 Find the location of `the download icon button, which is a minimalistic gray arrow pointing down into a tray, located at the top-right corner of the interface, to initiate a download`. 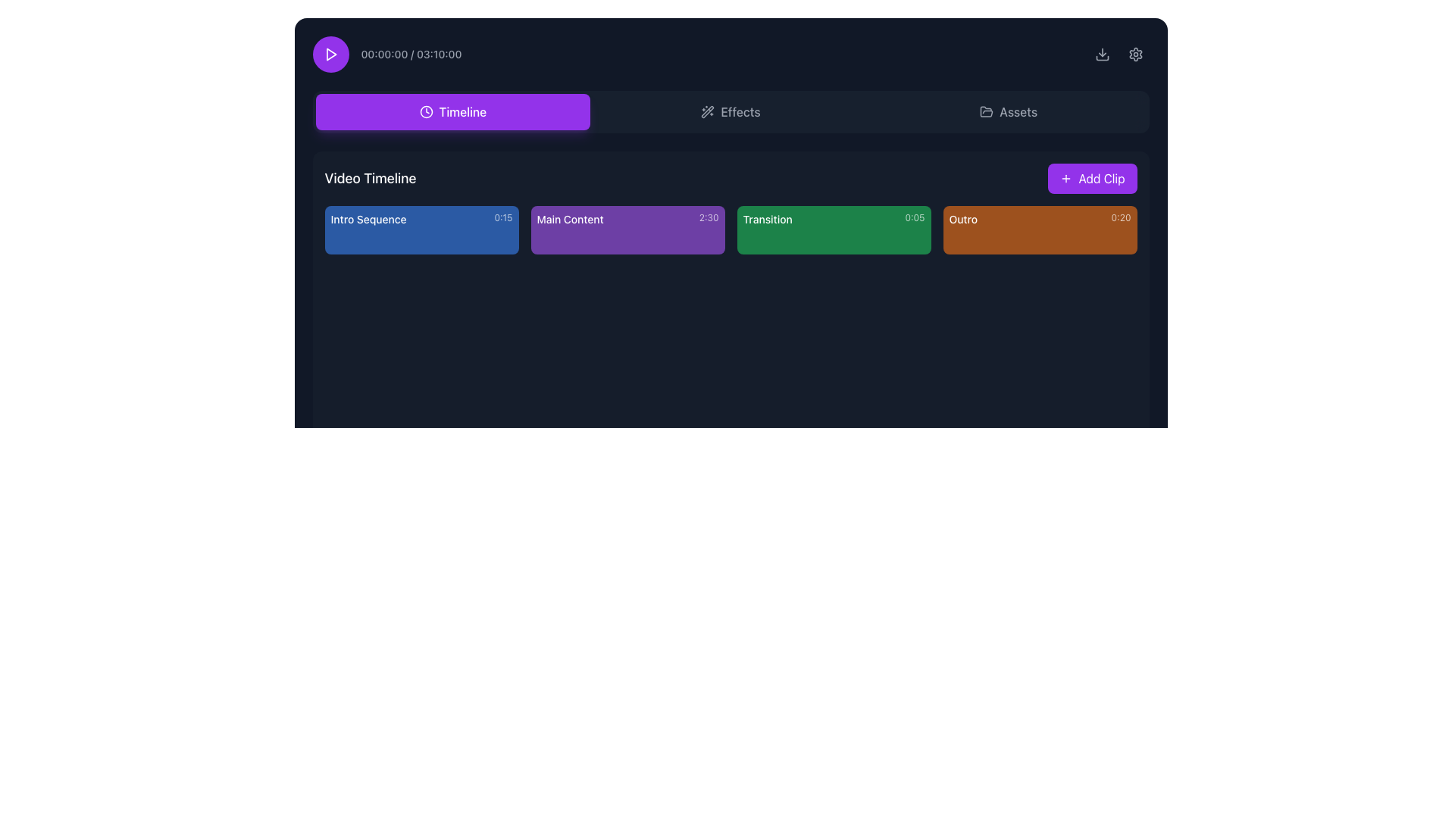

the download icon button, which is a minimalistic gray arrow pointing down into a tray, located at the top-right corner of the interface, to initiate a download is located at coordinates (1102, 54).